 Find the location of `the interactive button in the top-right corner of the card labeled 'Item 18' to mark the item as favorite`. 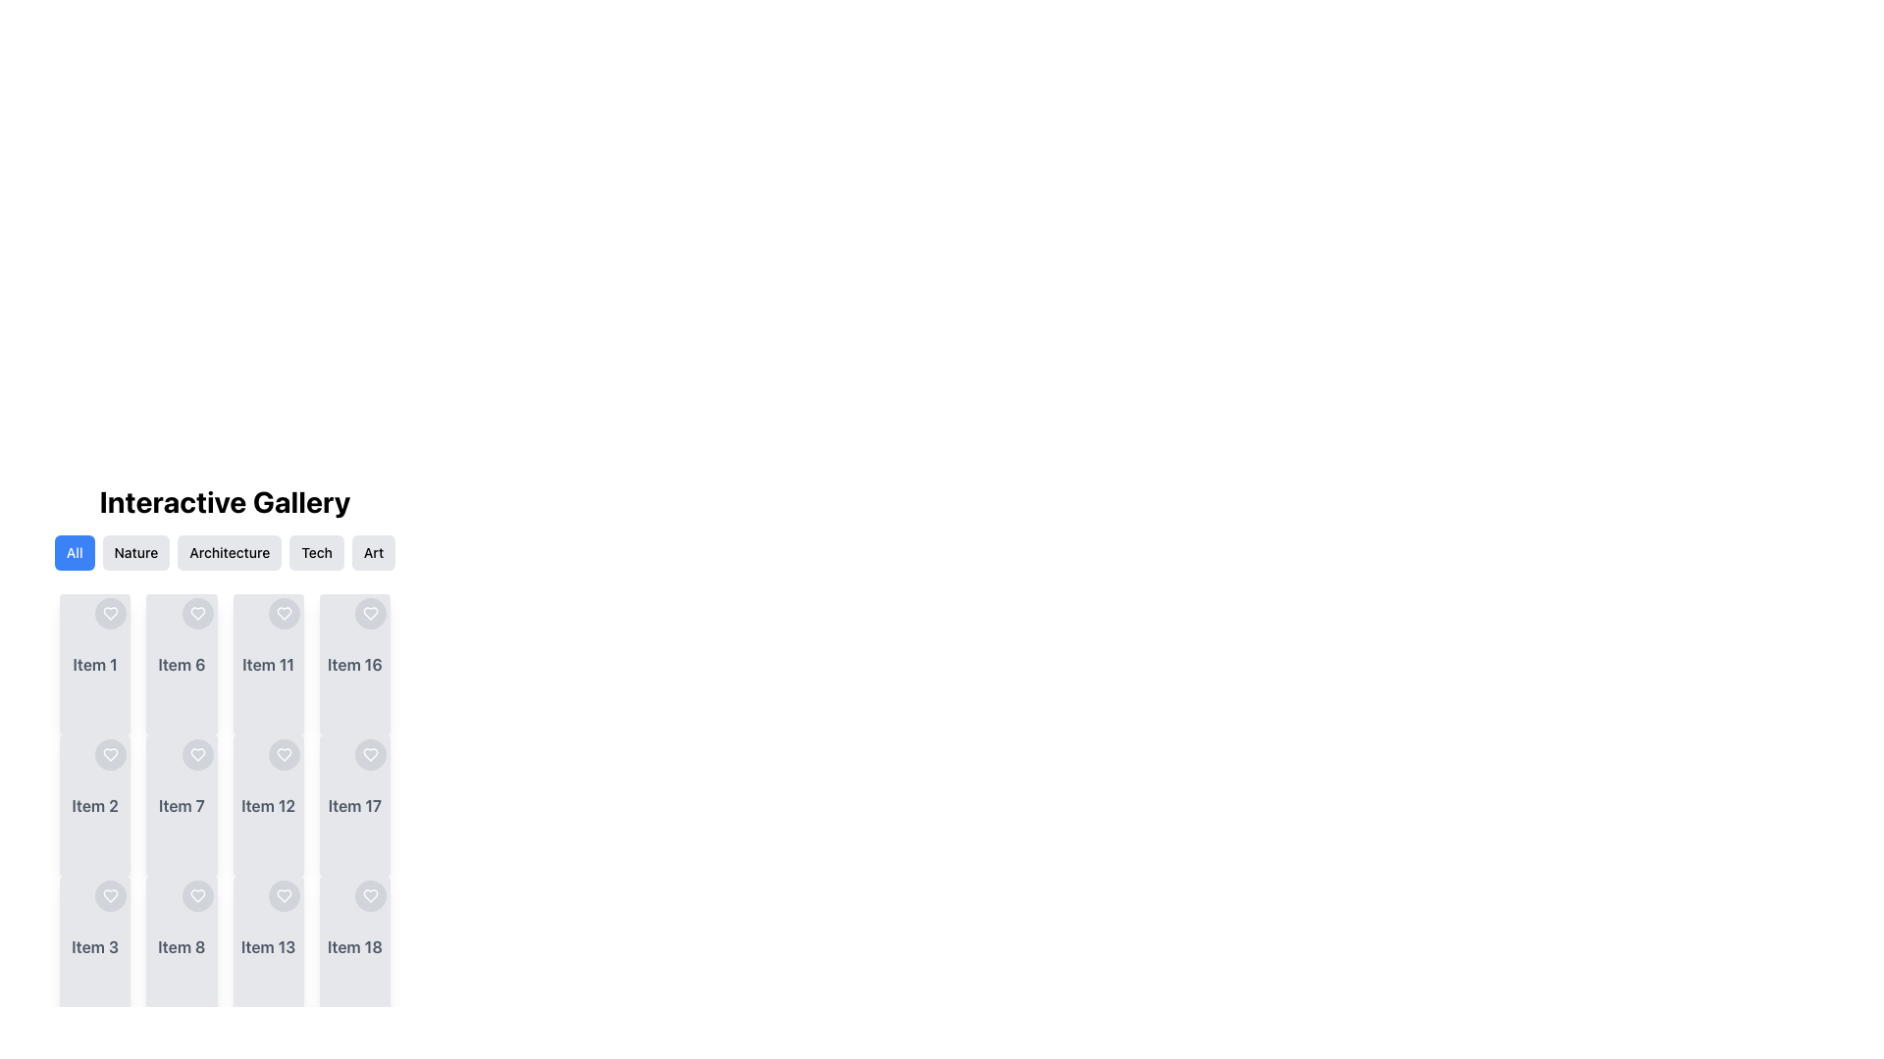

the interactive button in the top-right corner of the card labeled 'Item 18' to mark the item as favorite is located at coordinates (371, 896).